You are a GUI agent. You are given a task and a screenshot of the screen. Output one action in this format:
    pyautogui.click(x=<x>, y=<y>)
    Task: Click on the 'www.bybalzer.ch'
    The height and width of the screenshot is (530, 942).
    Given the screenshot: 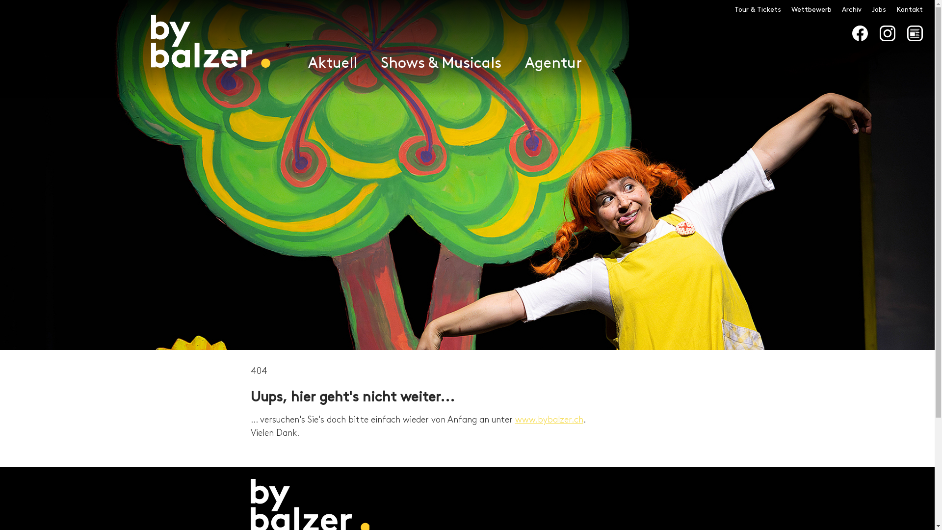 What is the action you would take?
    pyautogui.click(x=515, y=420)
    